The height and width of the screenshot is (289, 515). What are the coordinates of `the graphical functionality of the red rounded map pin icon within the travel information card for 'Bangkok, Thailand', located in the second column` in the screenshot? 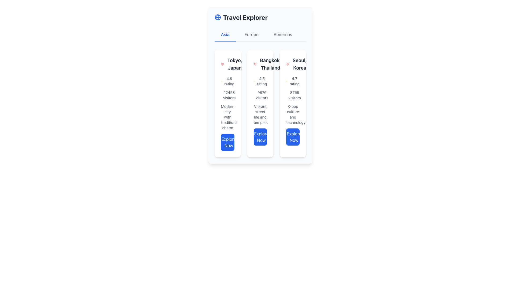 It's located at (255, 64).